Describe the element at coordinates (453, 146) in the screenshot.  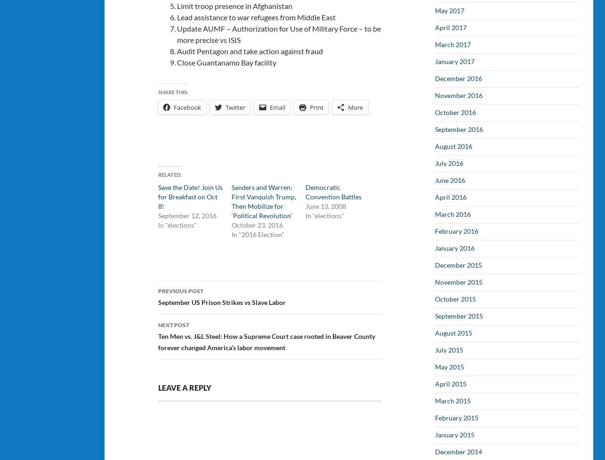
I see `'August 2016'` at that location.